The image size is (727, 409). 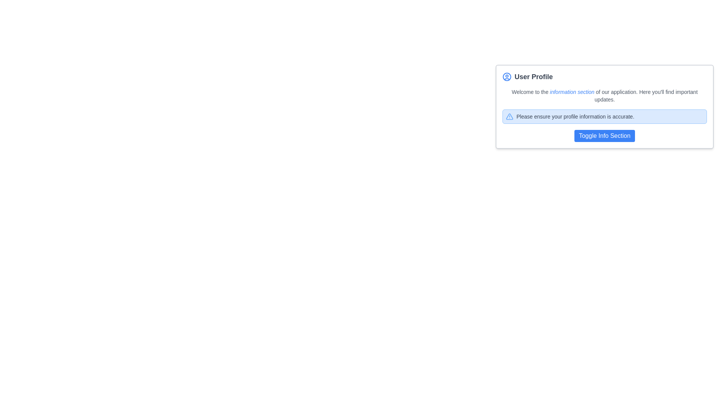 What do you see at coordinates (604, 95) in the screenshot?
I see `the 'information section' text in the welcome message` at bounding box center [604, 95].